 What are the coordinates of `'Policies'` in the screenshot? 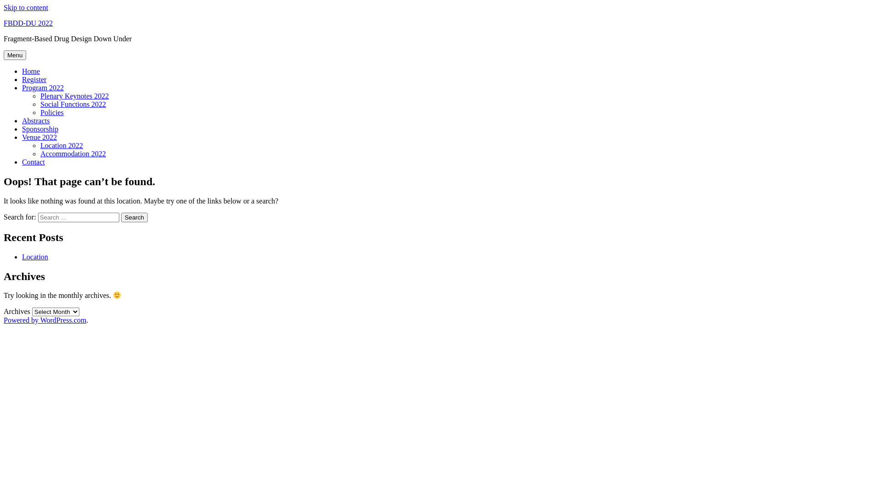 It's located at (39, 112).